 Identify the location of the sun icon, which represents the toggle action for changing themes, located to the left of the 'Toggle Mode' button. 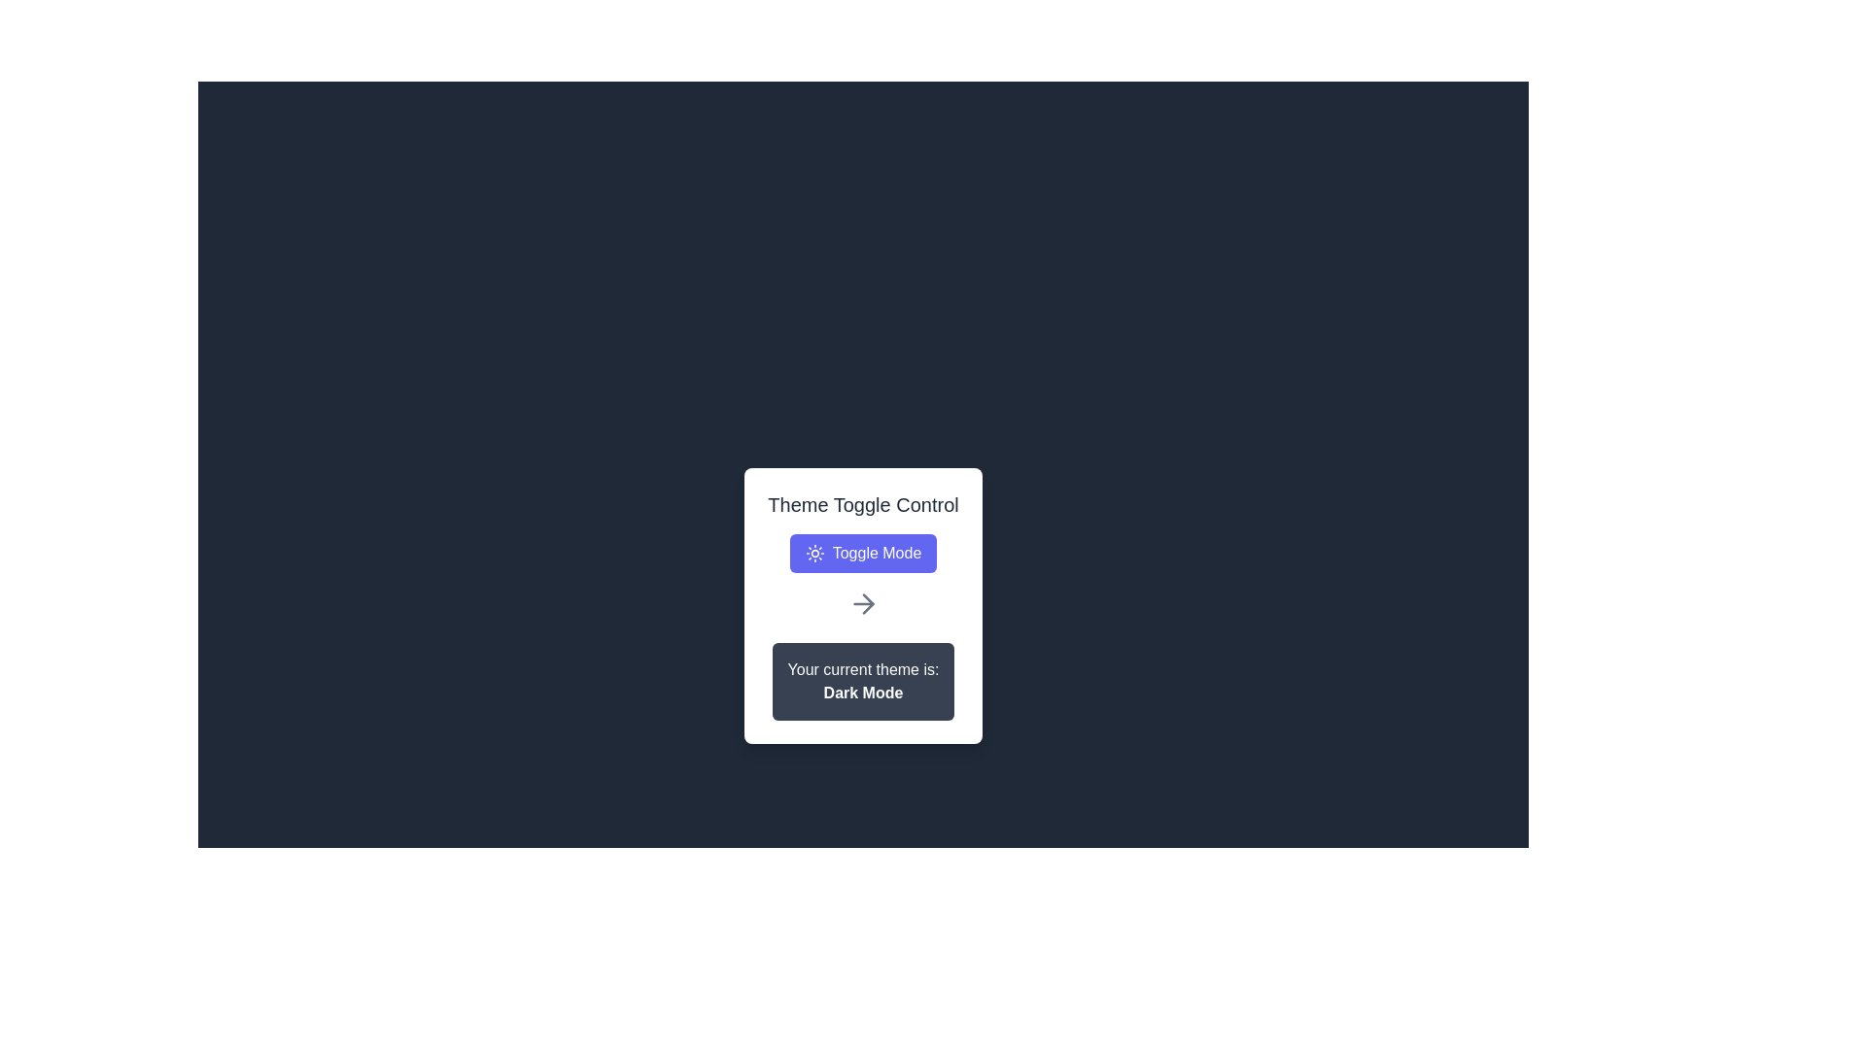
(814, 554).